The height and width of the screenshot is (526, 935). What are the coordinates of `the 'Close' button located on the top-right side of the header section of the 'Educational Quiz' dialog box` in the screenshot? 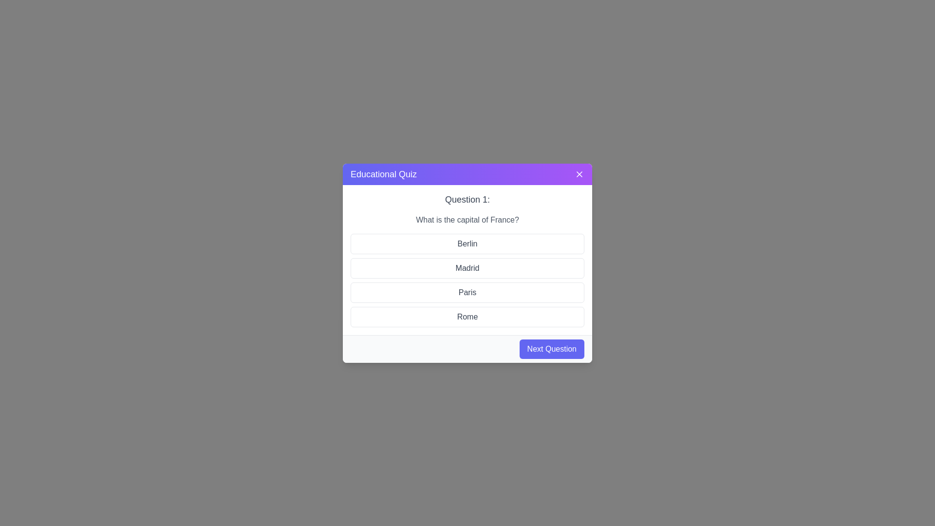 It's located at (580, 173).